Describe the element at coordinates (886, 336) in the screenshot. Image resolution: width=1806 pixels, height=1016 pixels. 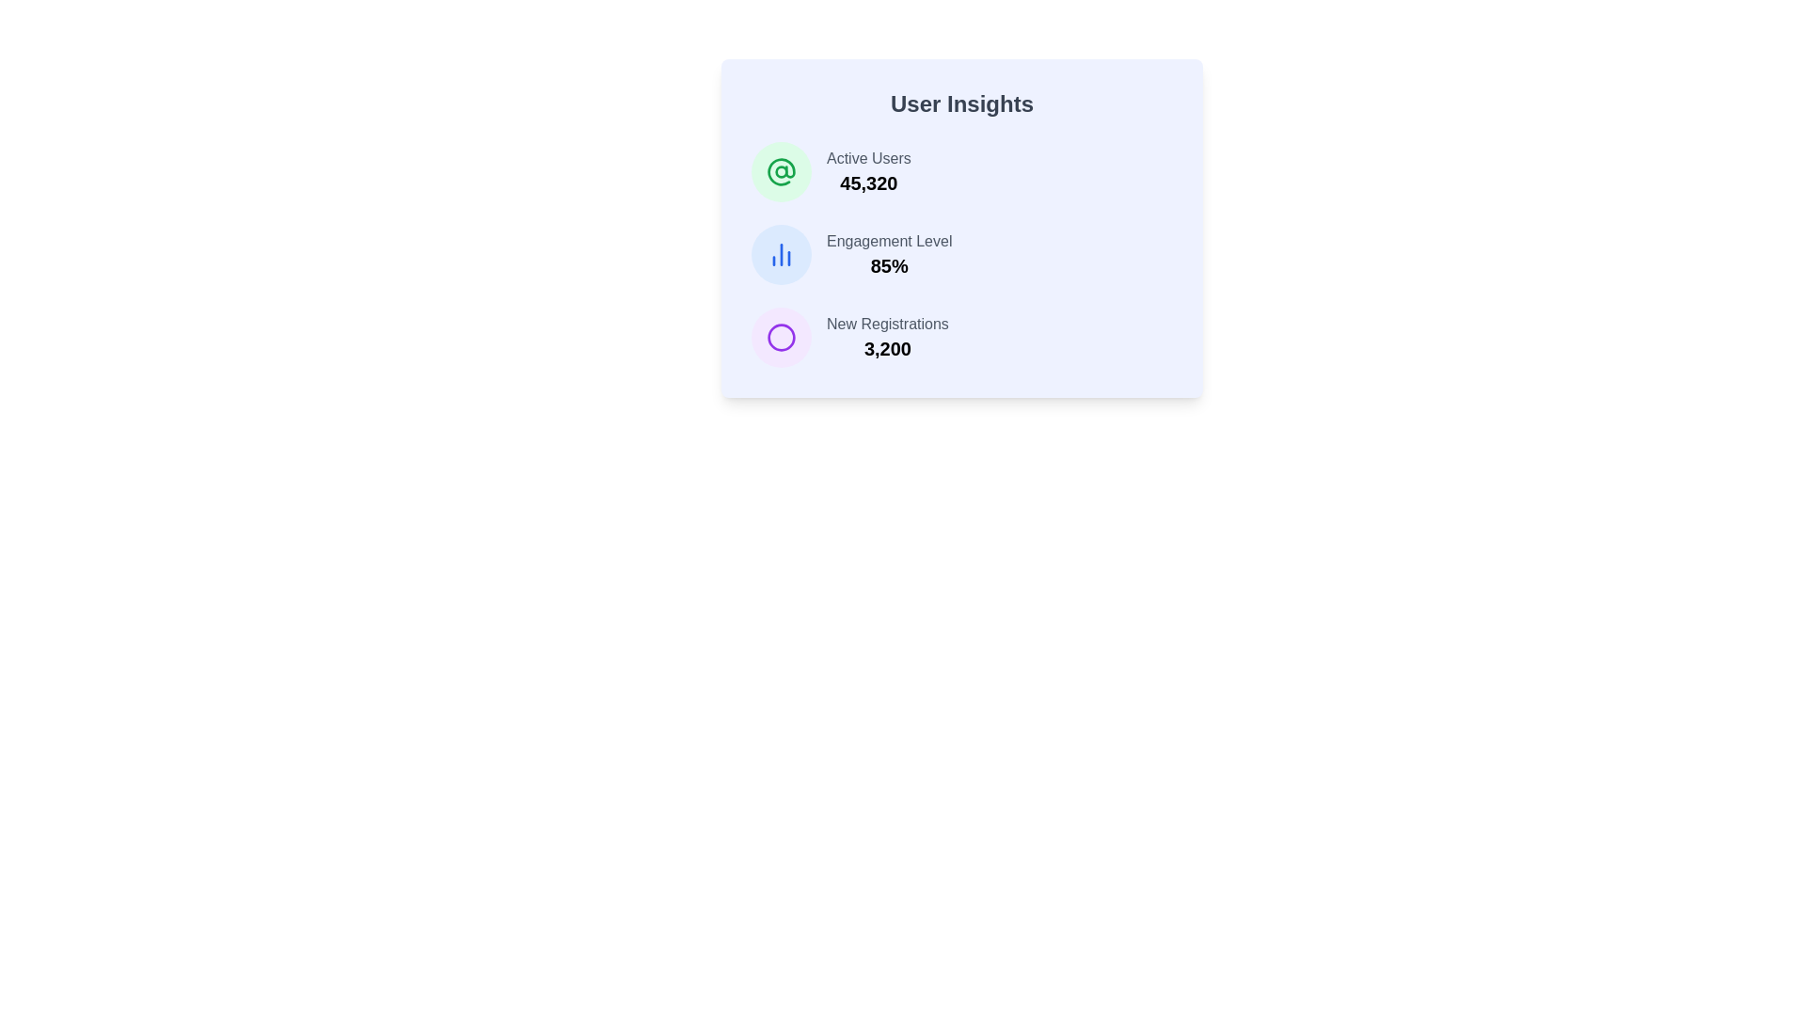
I see `the Static text block displaying 'New Registrations' and '3,200', located in the bottom right quadrant of the 'User Insights' card` at that location.